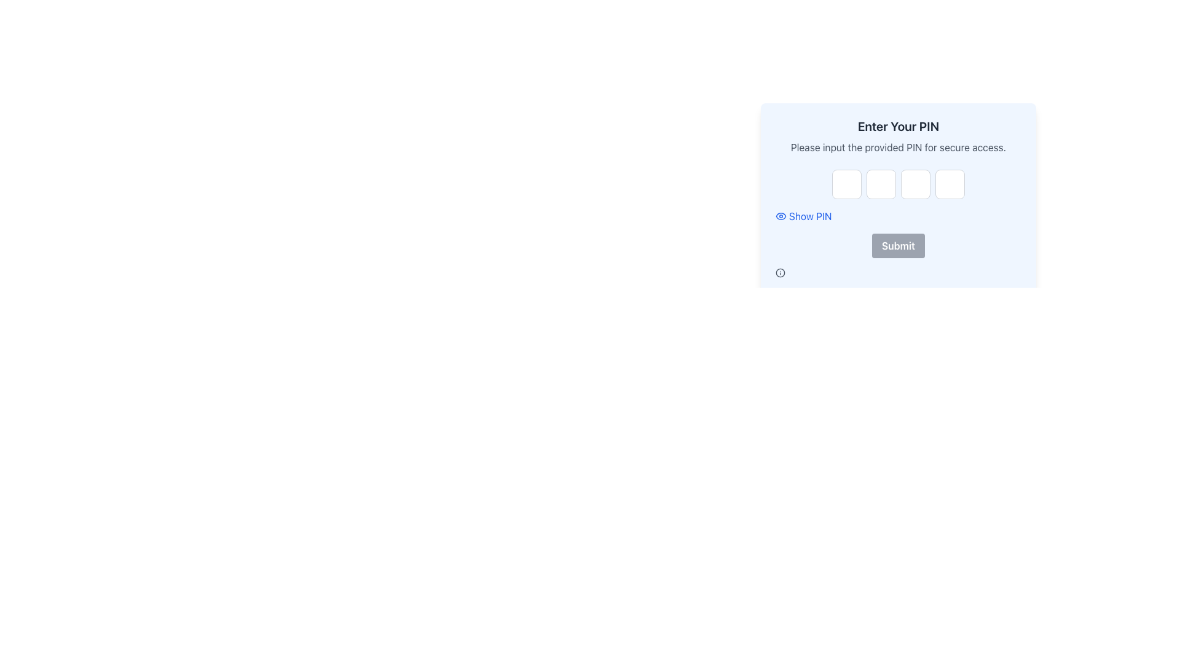  Describe the element at coordinates (915, 184) in the screenshot. I see `the third password input field in the PIN entry system to focus it` at that location.